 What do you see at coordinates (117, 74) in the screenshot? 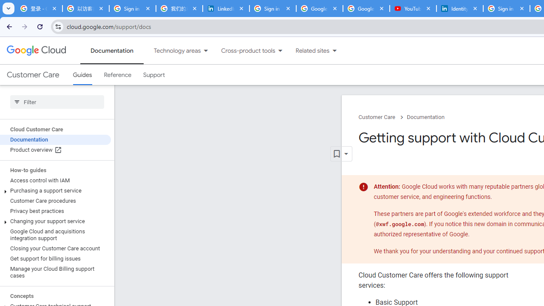
I see `'Reference'` at bounding box center [117, 74].